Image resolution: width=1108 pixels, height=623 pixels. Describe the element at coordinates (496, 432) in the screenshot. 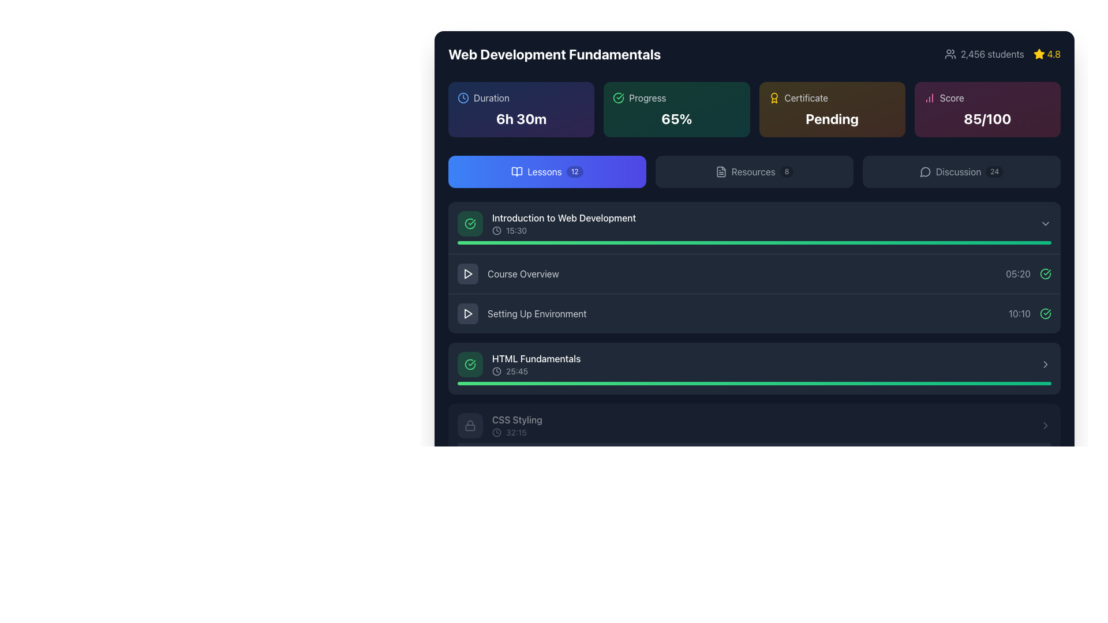

I see `the circular graphical element representing a clock or timer, located to the left of the 'CSS Styling' course entry in the list of lessons` at that location.